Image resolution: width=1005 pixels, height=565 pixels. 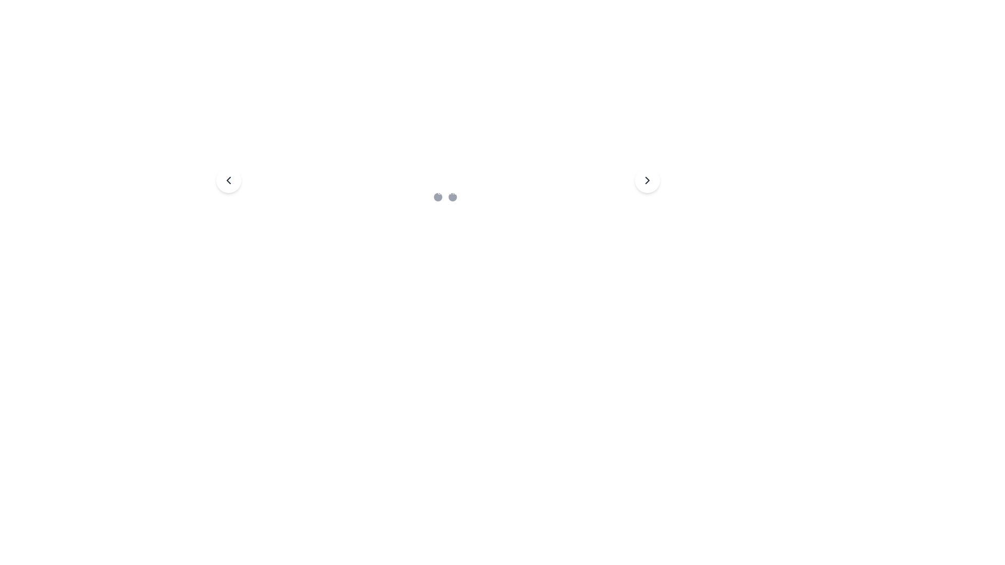 I want to click on the middle circular indicator with a white background and gray border, so click(x=438, y=191).